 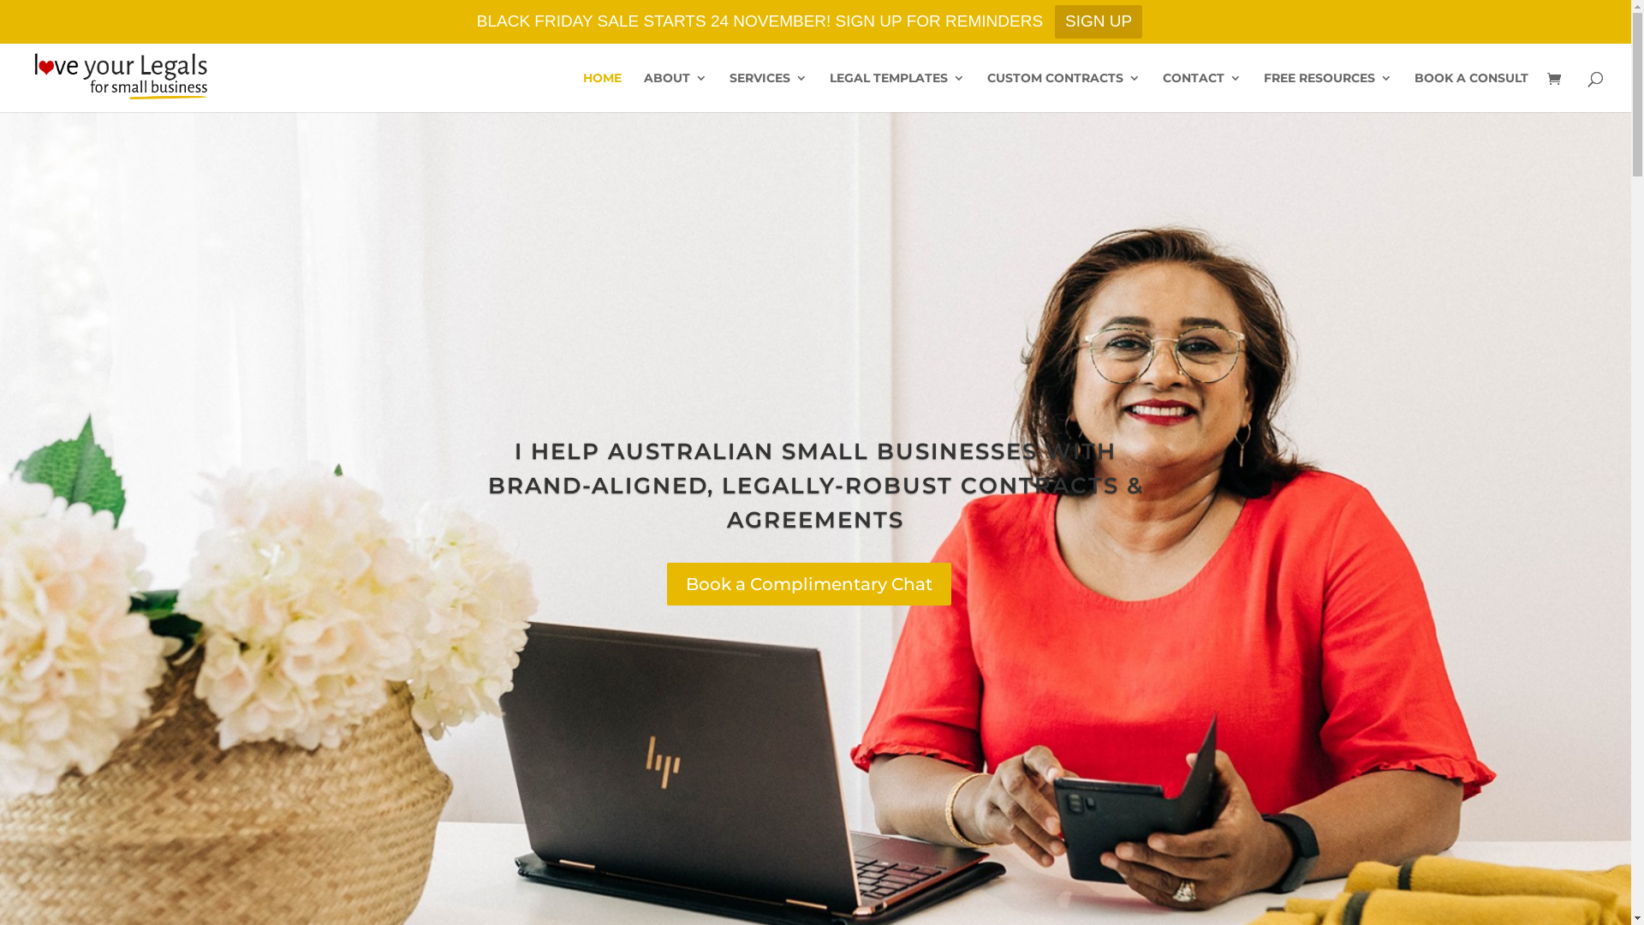 What do you see at coordinates (808, 583) in the screenshot?
I see `'Book a Complimentary Chat'` at bounding box center [808, 583].